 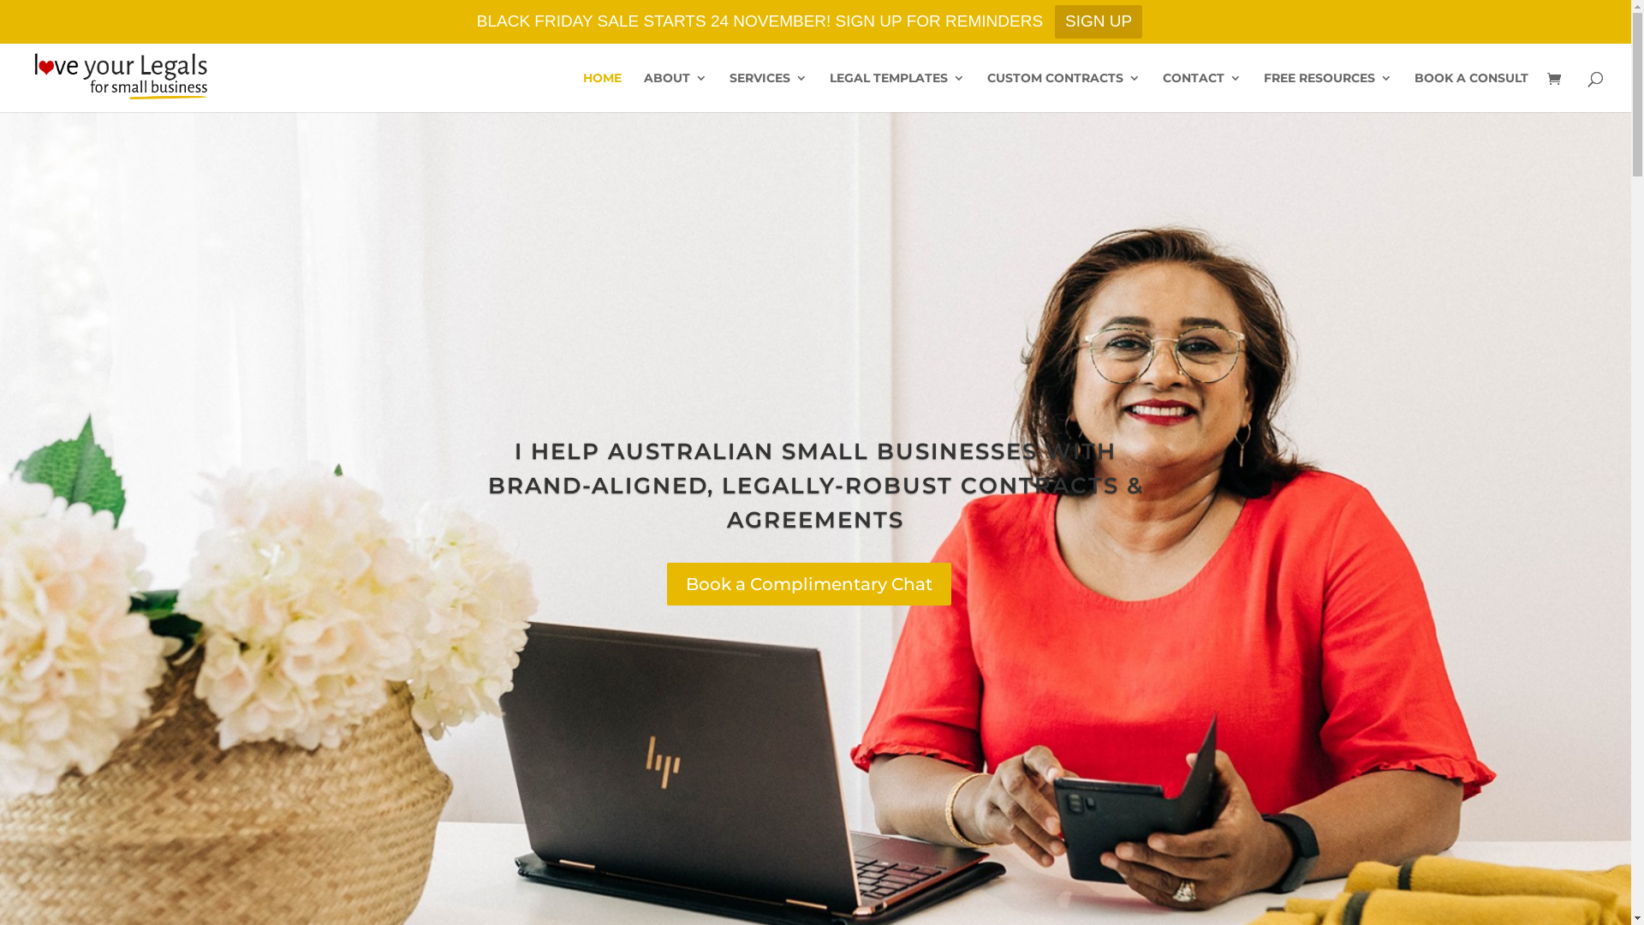 What do you see at coordinates (808, 583) in the screenshot?
I see `'Book a Complimentary Chat'` at bounding box center [808, 583].